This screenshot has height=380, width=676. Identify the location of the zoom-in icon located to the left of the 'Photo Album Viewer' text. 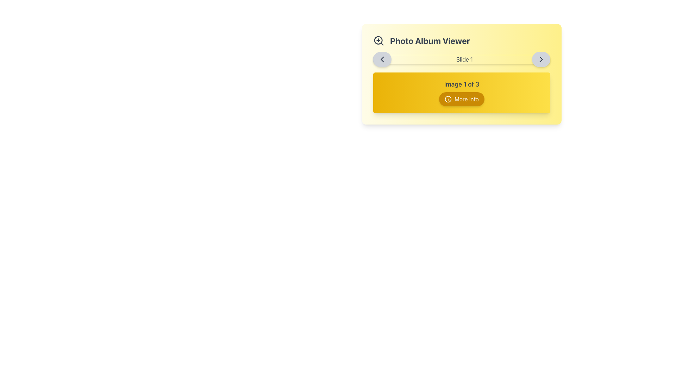
(378, 40).